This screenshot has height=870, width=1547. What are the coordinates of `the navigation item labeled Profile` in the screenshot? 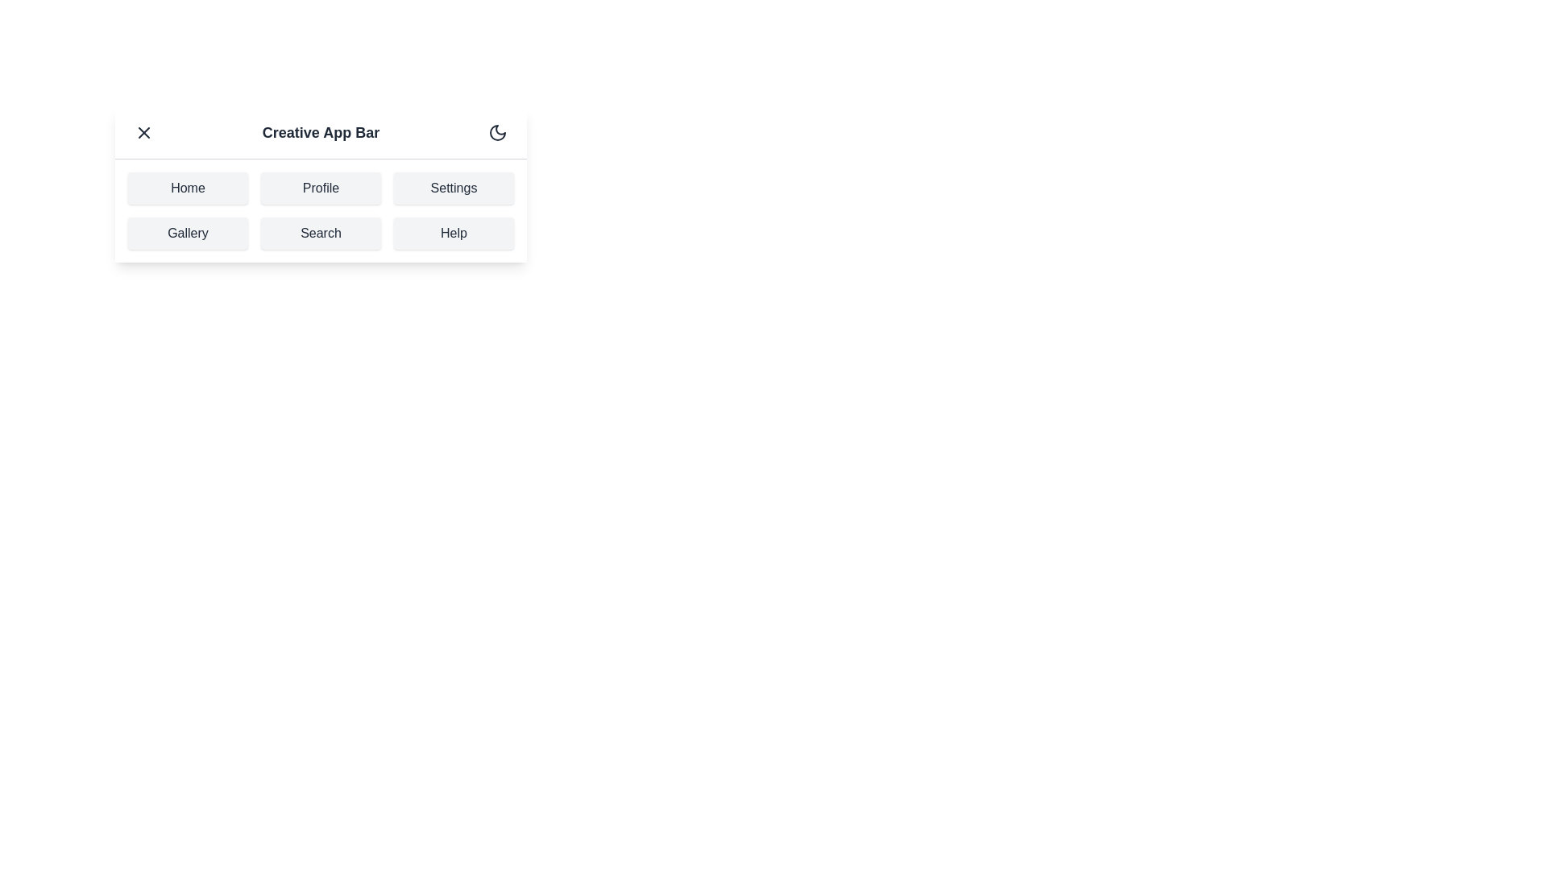 It's located at (321, 188).